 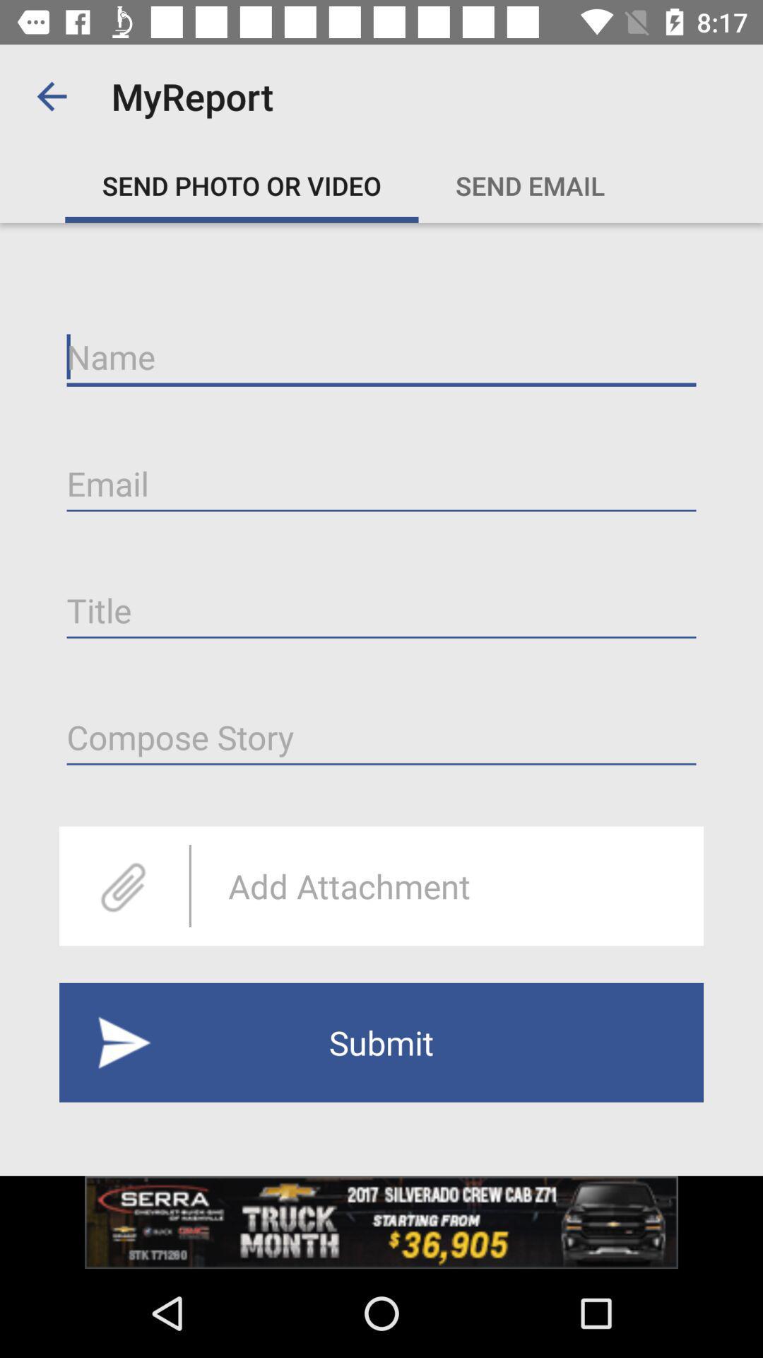 What do you see at coordinates (381, 737) in the screenshot?
I see `value` at bounding box center [381, 737].